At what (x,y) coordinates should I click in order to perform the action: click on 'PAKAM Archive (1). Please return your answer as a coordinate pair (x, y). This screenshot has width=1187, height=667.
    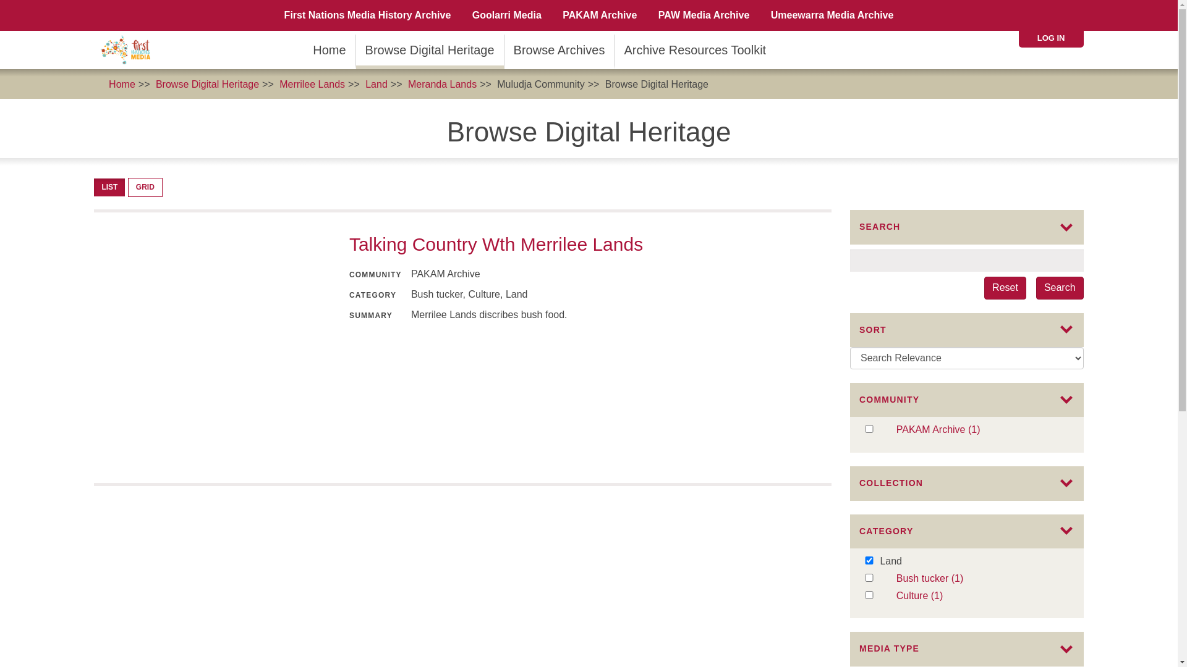
    Looking at the image, I should click on (896, 429).